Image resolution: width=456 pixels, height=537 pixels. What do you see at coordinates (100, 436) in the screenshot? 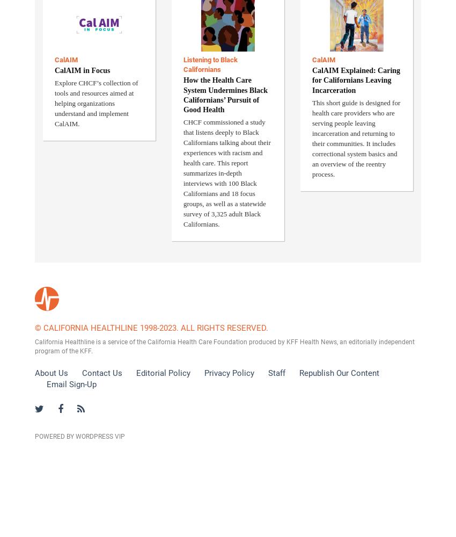
I see `'WordPress VIP'` at bounding box center [100, 436].